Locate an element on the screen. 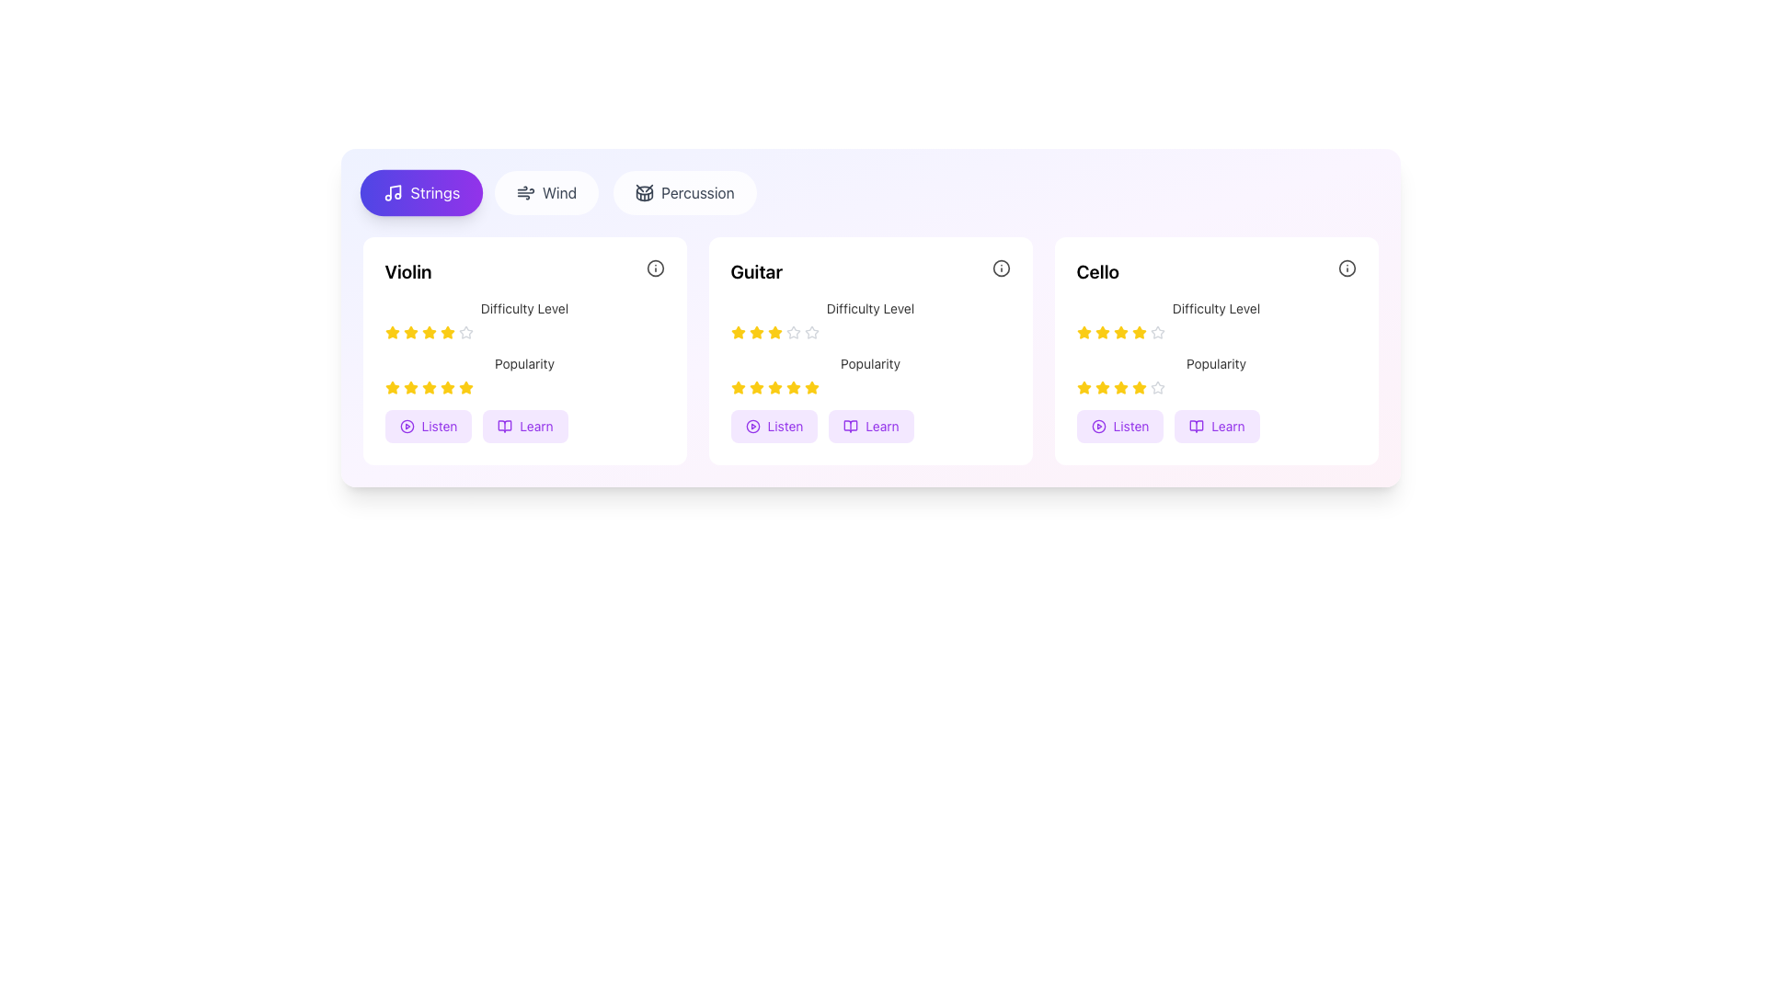 The height and width of the screenshot is (993, 1766). the yellow filled star-shaped rating icon located in the third card under the 'Cello' heading, which is the first star in the horizontal row of rating icons is located at coordinates (1084, 333).